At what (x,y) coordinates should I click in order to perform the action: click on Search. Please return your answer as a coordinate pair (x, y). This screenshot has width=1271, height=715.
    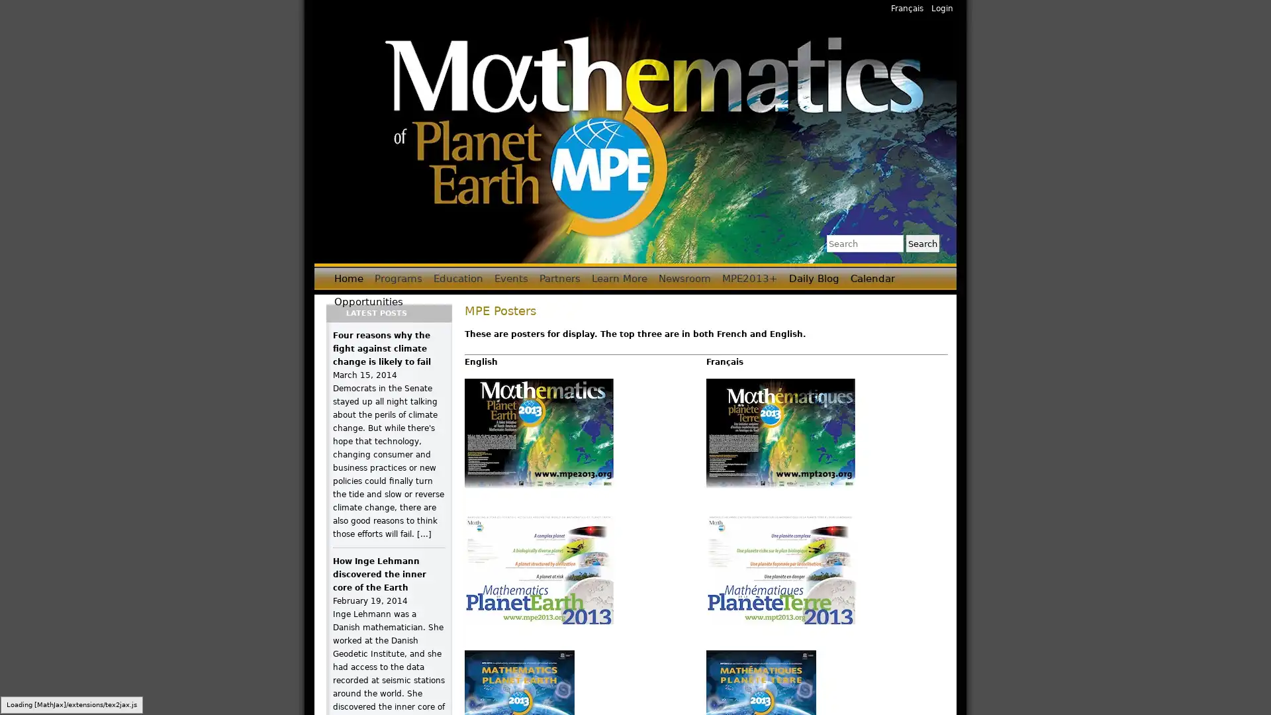
    Looking at the image, I should click on (921, 243).